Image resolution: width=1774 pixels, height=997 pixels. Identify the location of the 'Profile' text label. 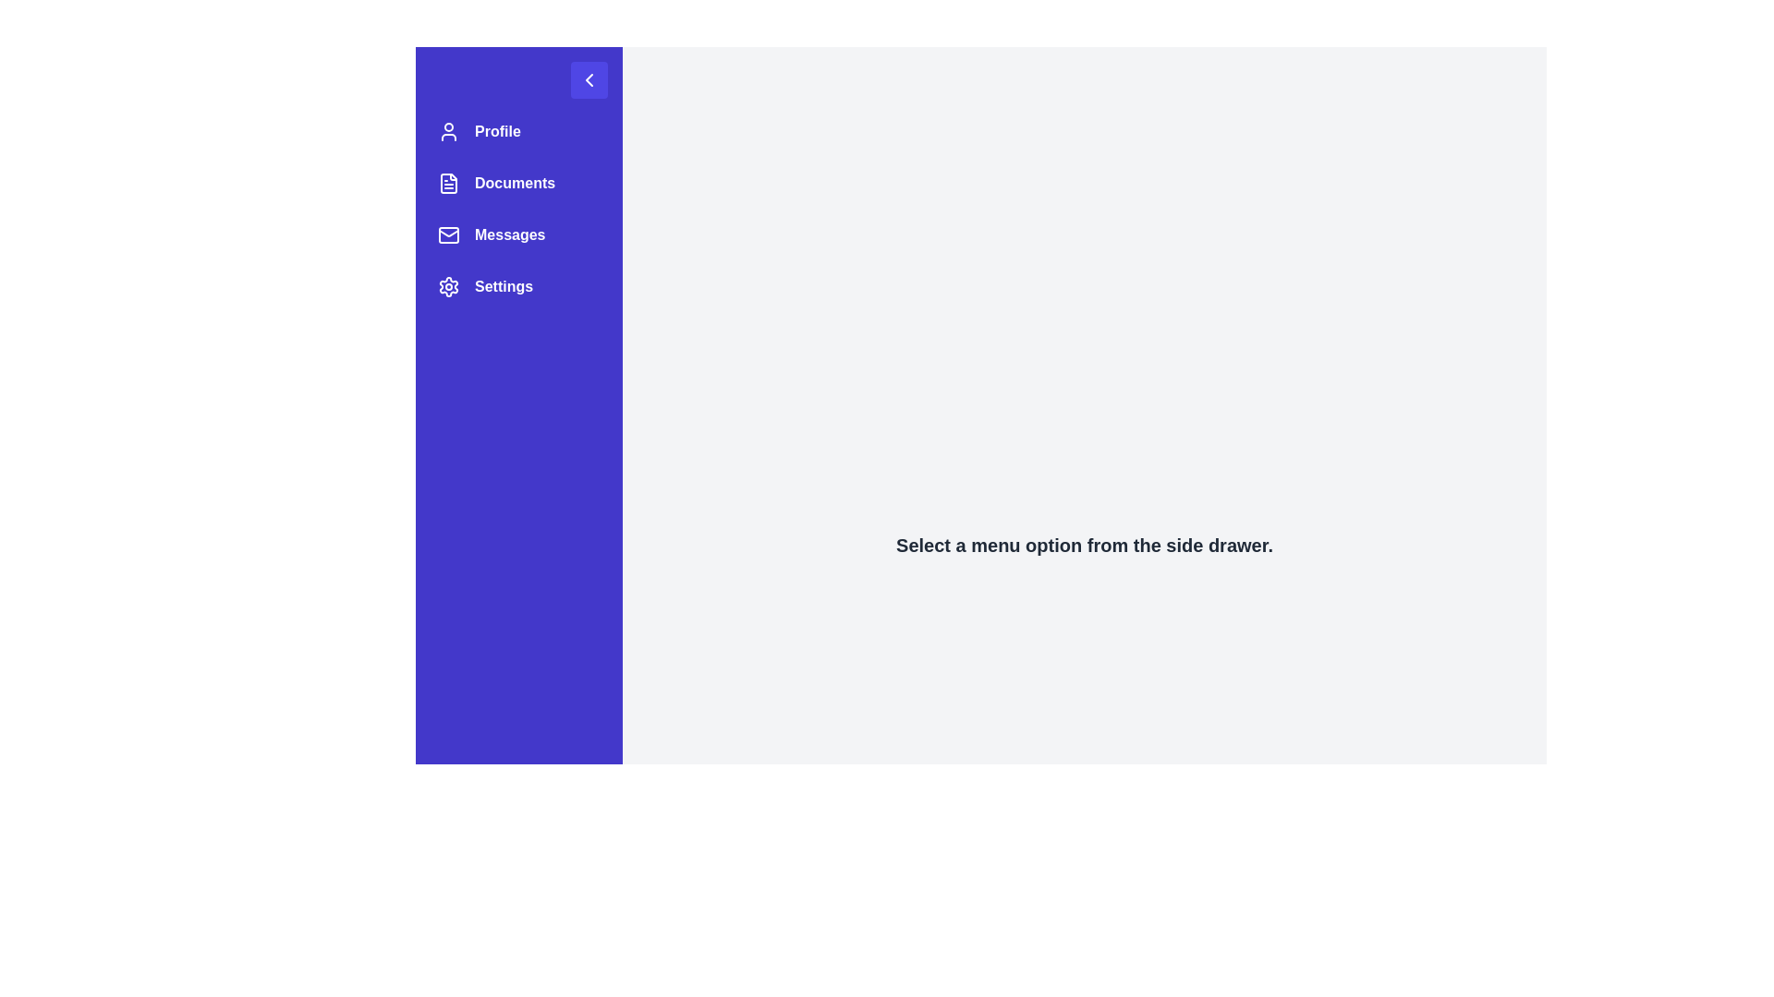
(497, 130).